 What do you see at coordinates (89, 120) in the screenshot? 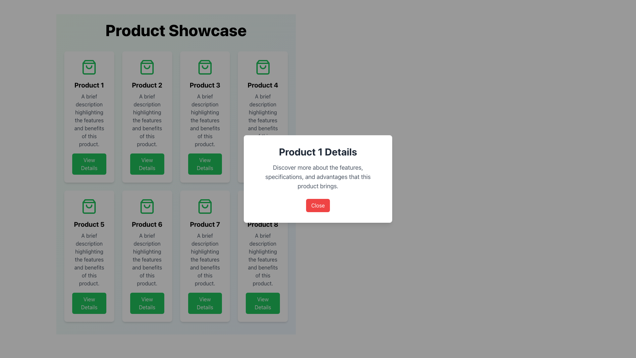
I see `text content styled in light gray color located in the second section of the card layout for 'Product 1', which highlights the features and benefits of the product` at bounding box center [89, 120].